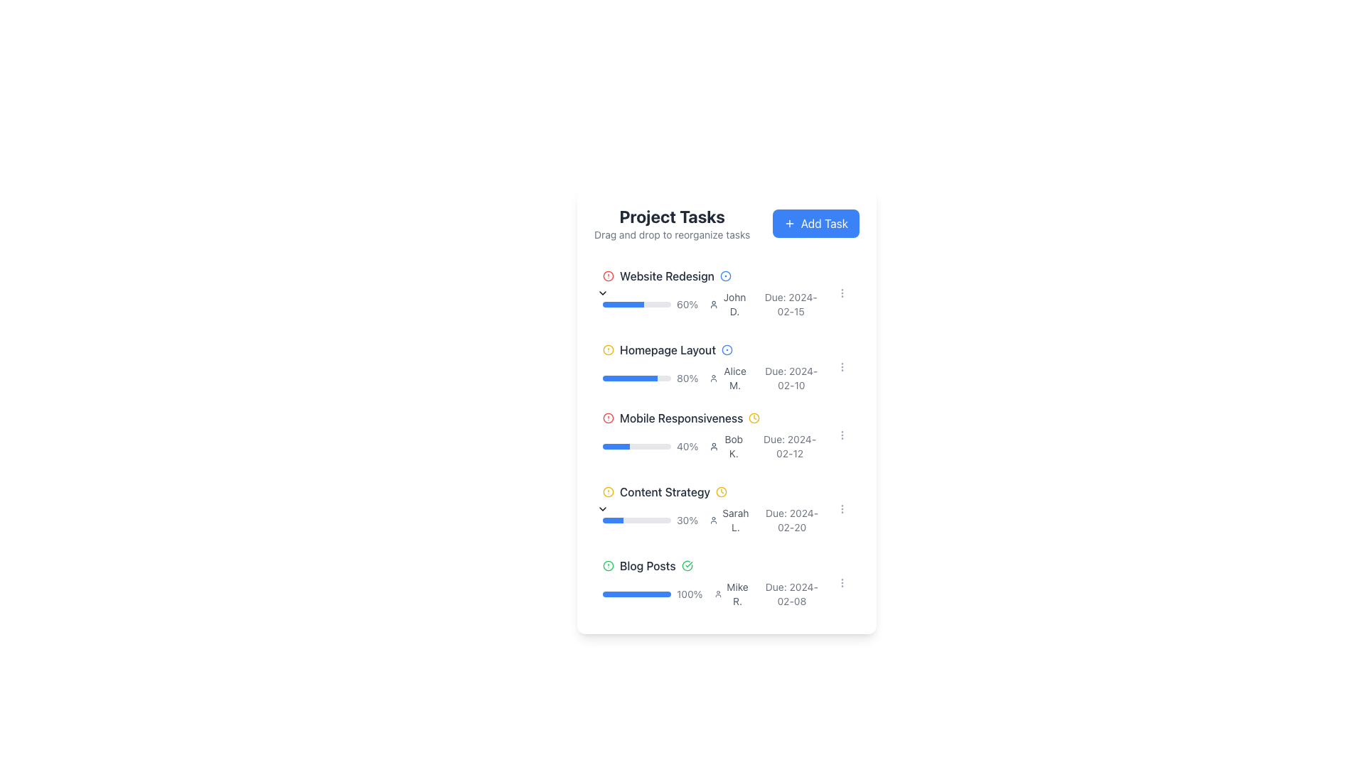  I want to click on the small yellow clock icon located in the 'Mobile Responsiveness' task entry, positioned on the far-right side next to other task details, so click(754, 418).